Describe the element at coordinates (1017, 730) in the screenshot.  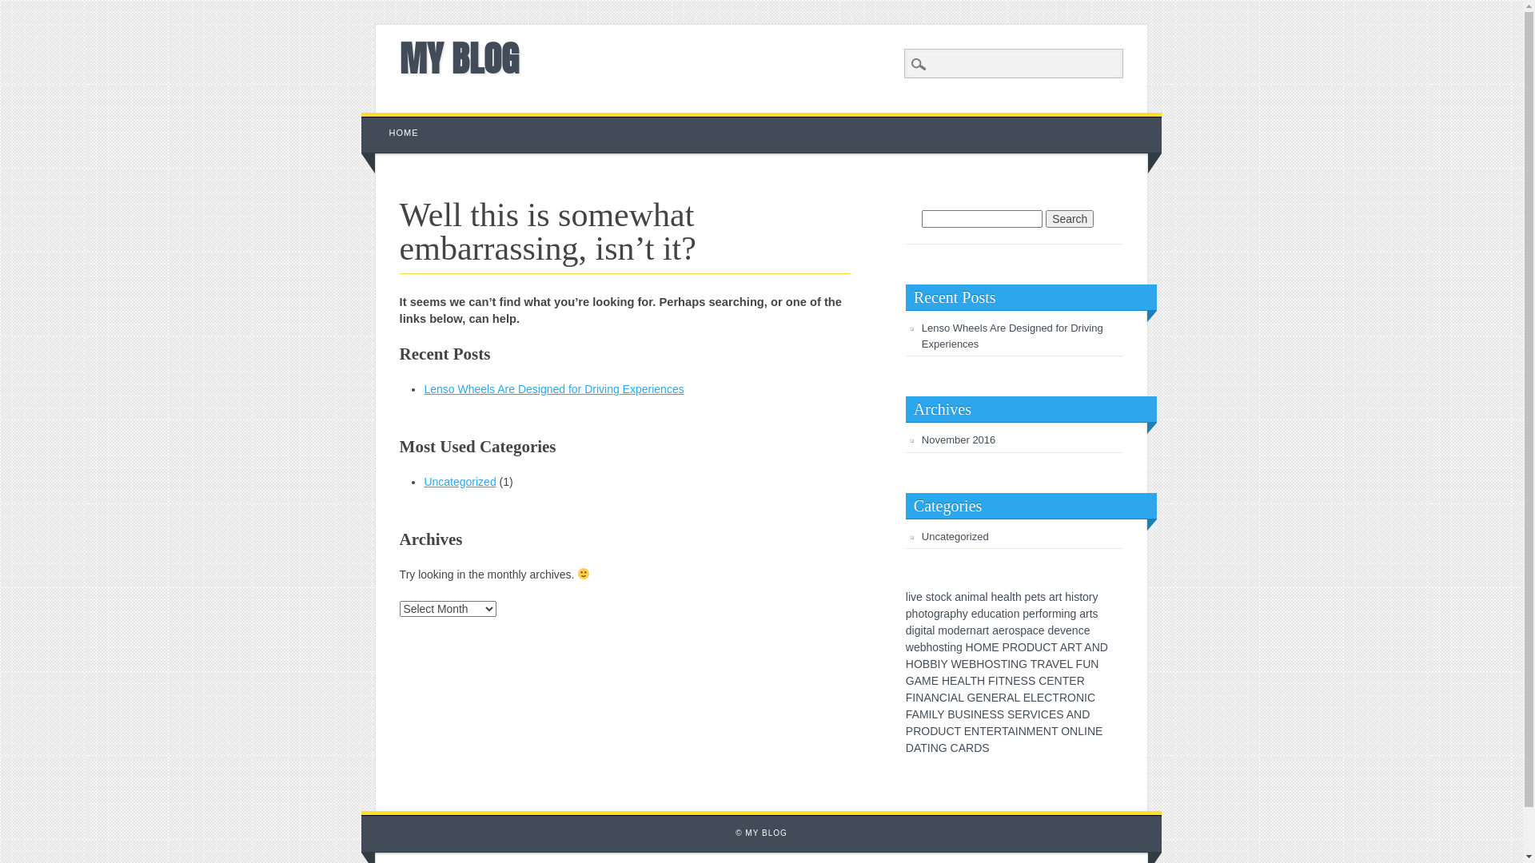
I see `'N'` at that location.